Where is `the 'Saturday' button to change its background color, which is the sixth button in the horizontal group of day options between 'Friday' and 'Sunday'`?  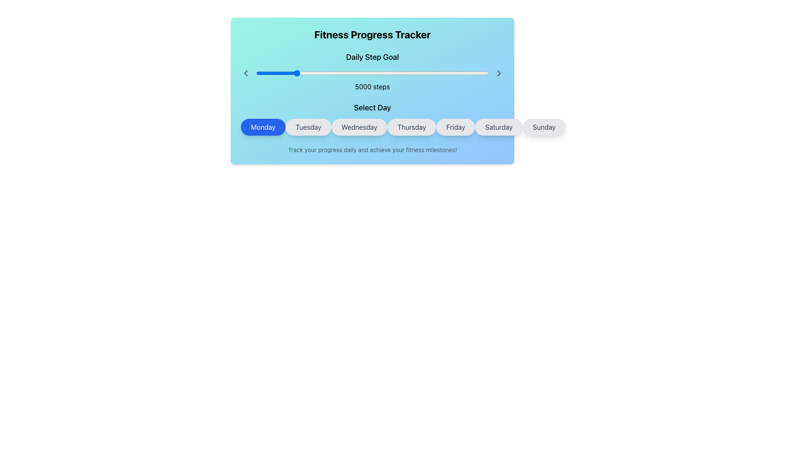 the 'Saturday' button to change its background color, which is the sixth button in the horizontal group of day options between 'Friday' and 'Sunday' is located at coordinates (499, 127).